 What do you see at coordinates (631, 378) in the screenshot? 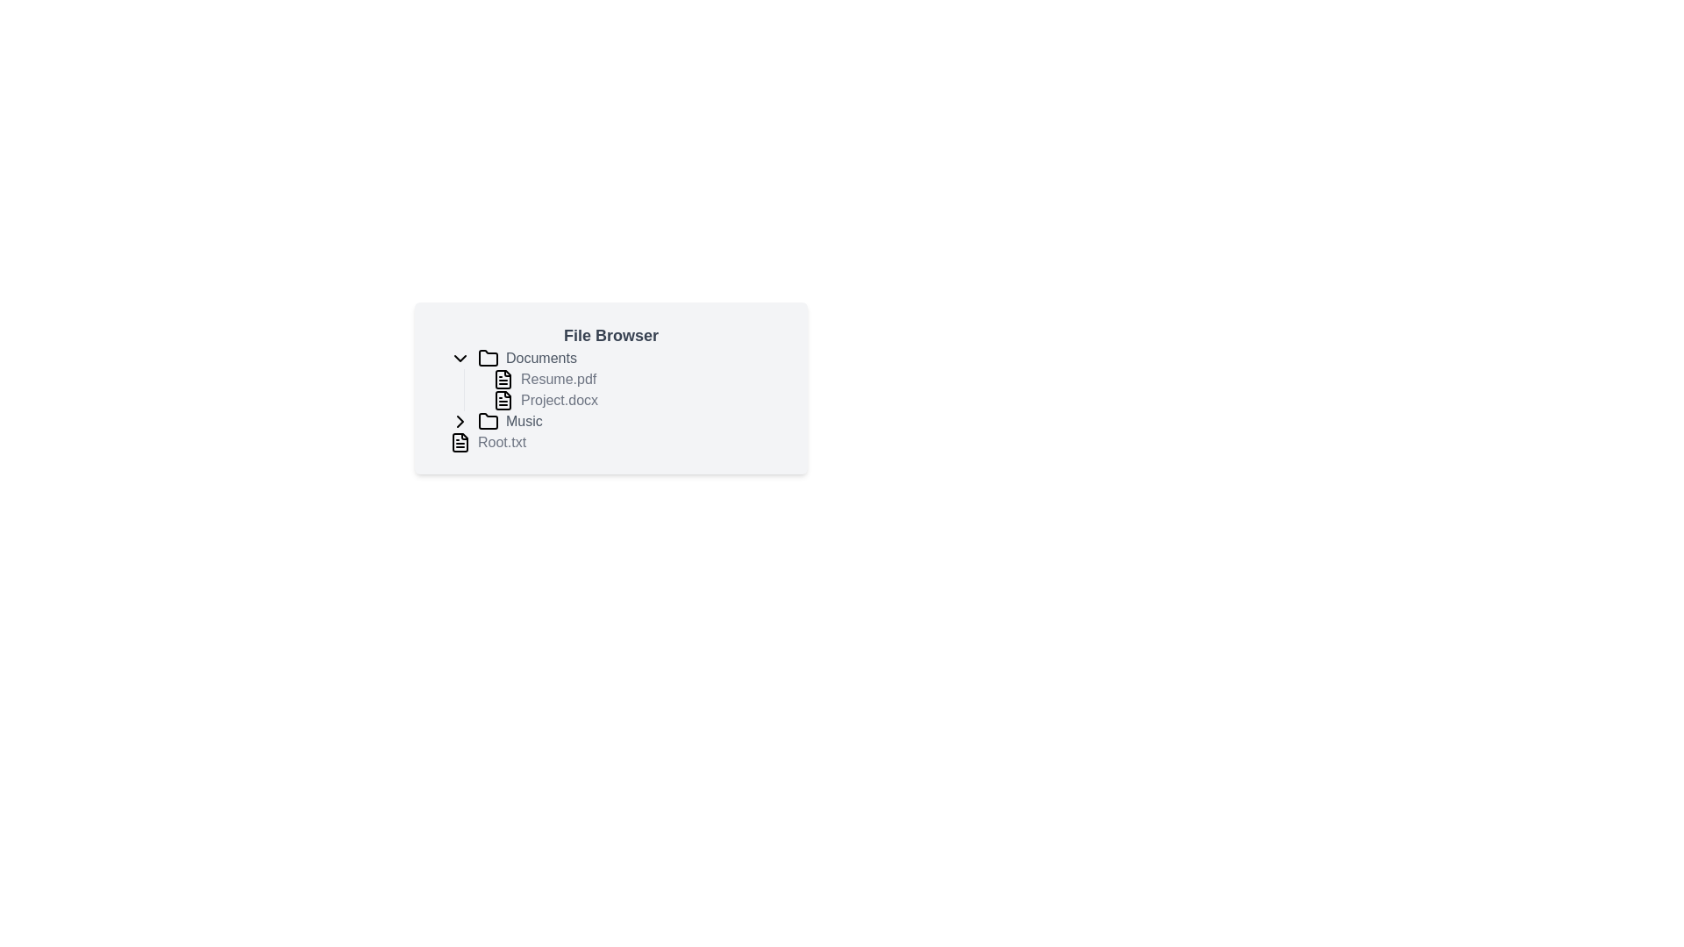
I see `the file entry labeled 'Resume.pdf' in the file tree` at bounding box center [631, 378].